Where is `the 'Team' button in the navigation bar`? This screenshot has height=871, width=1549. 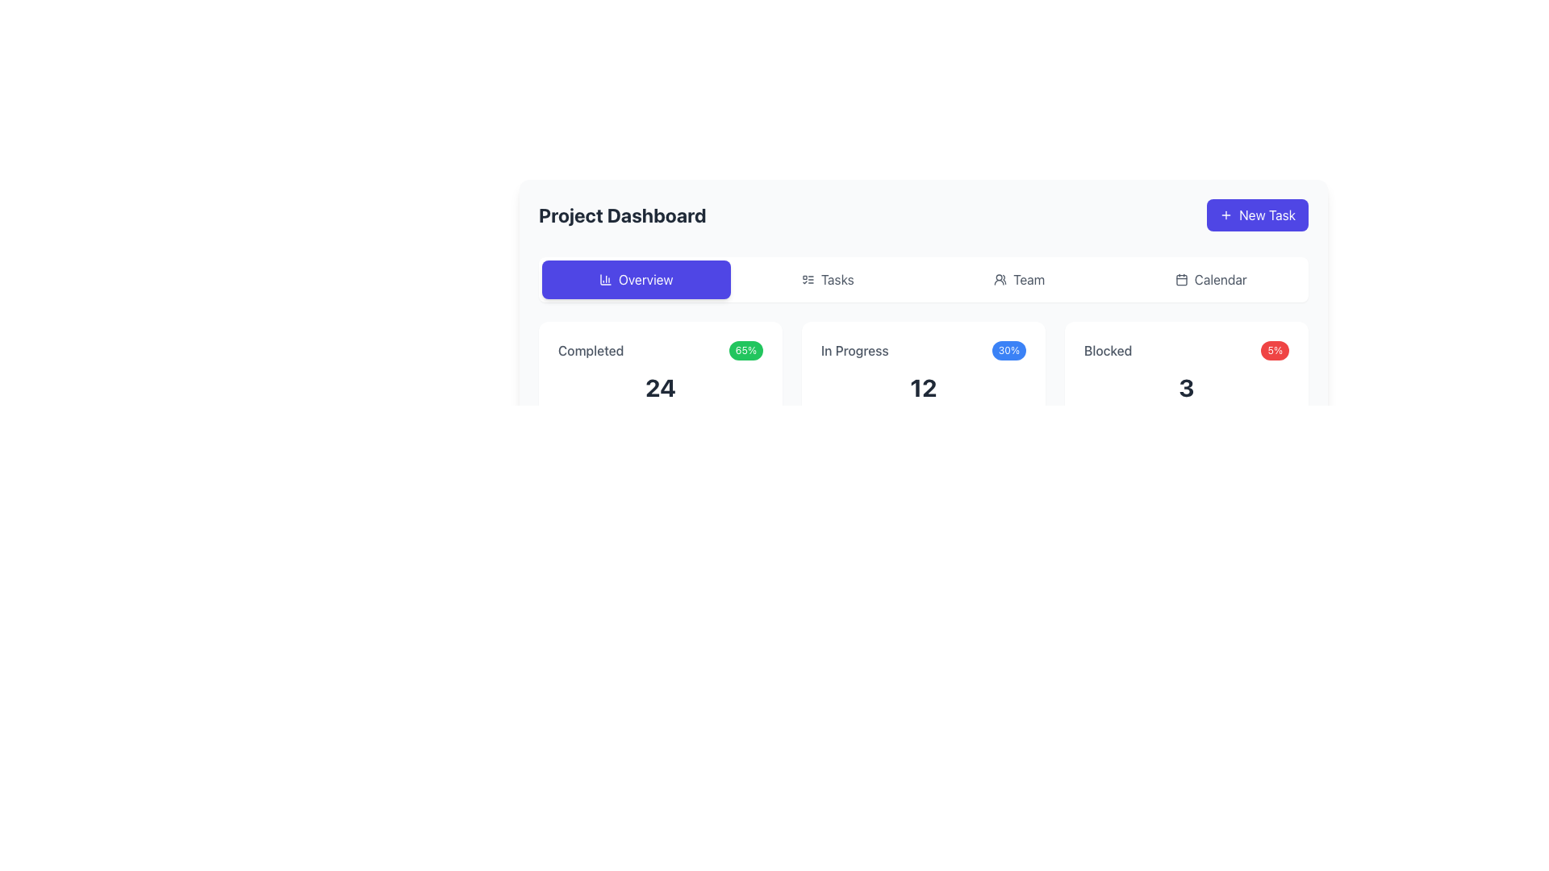 the 'Team' button in the navigation bar is located at coordinates (1018, 279).